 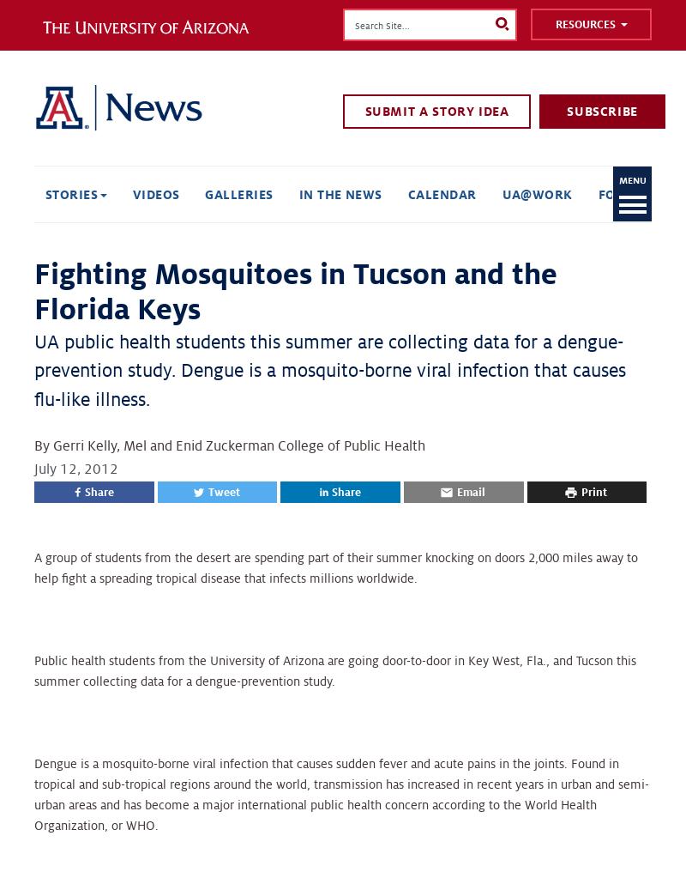 What do you see at coordinates (75, 469) in the screenshot?
I see `'July 12, 2012'` at bounding box center [75, 469].